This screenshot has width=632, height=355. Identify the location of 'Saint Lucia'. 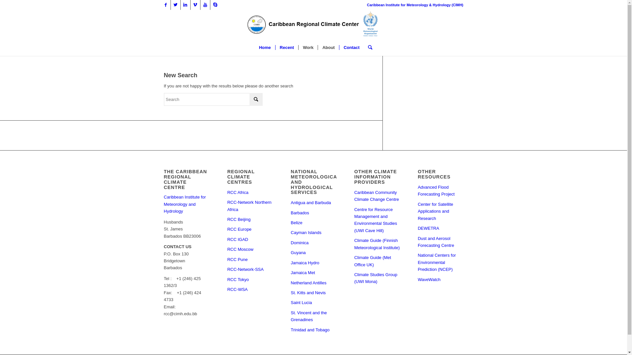
(313, 303).